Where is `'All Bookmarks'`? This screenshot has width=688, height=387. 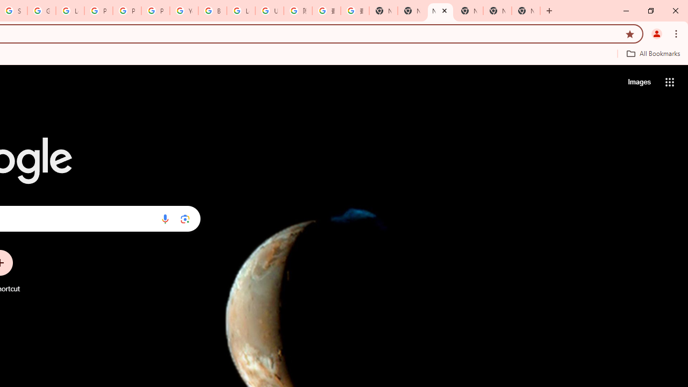 'All Bookmarks' is located at coordinates (653, 53).